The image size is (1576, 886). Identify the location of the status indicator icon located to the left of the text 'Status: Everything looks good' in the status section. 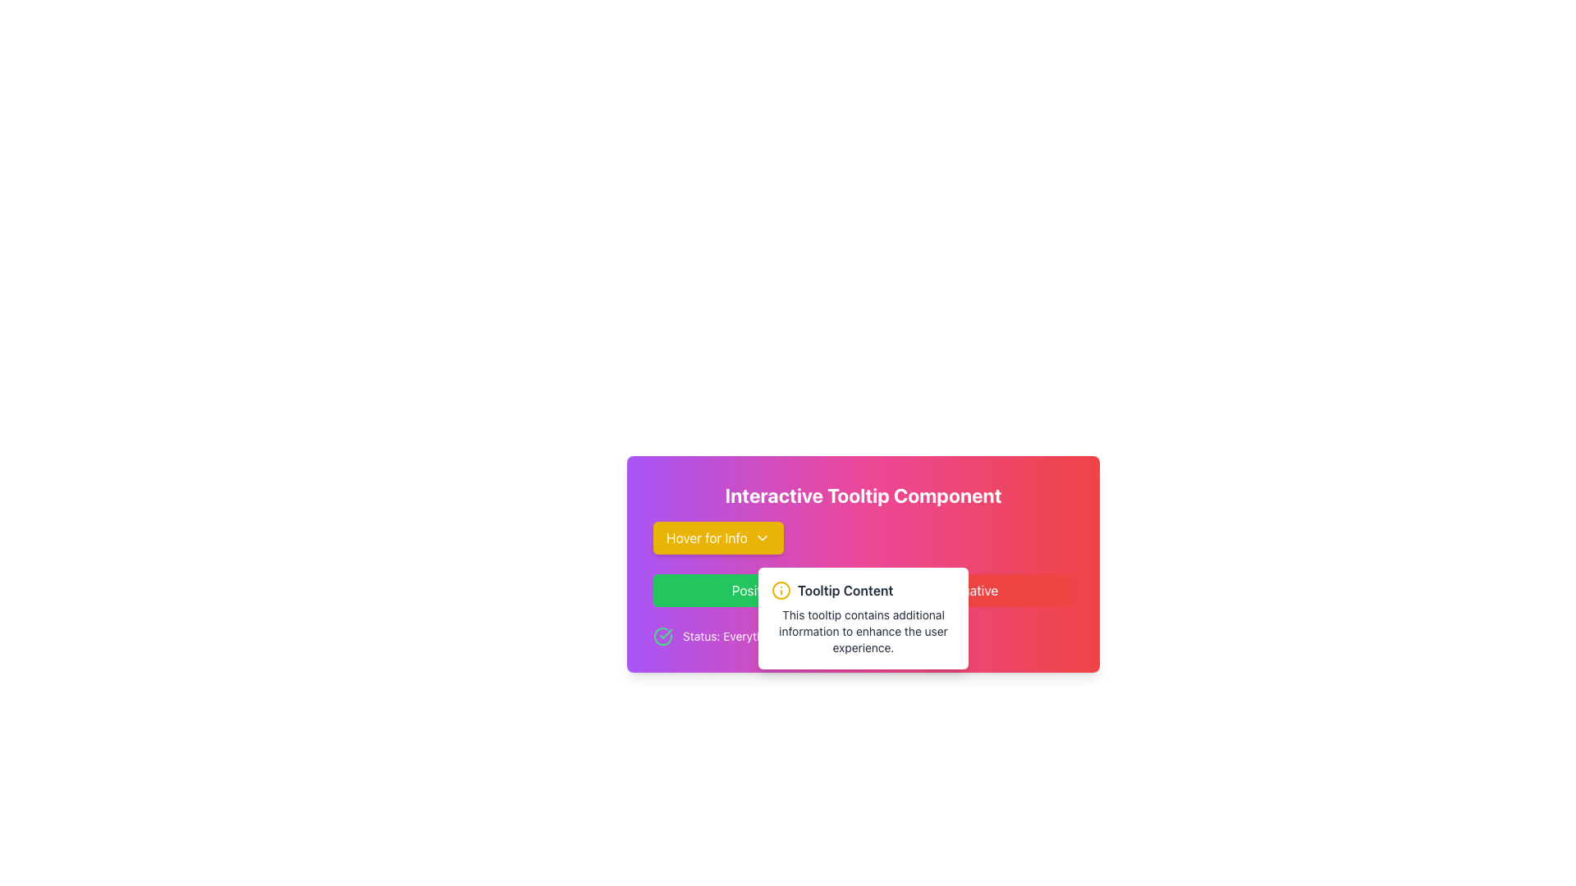
(662, 635).